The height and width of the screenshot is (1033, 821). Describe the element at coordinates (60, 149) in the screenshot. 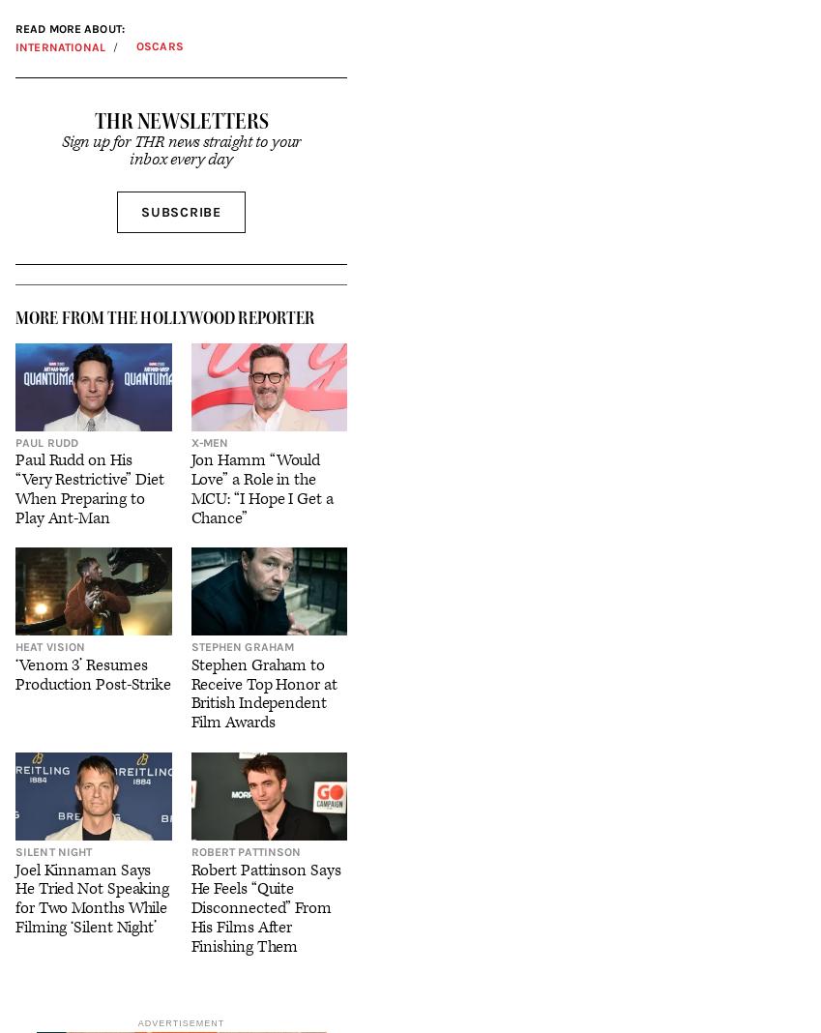

I see `'Sign up for THR news straight to your inbox every day'` at that location.